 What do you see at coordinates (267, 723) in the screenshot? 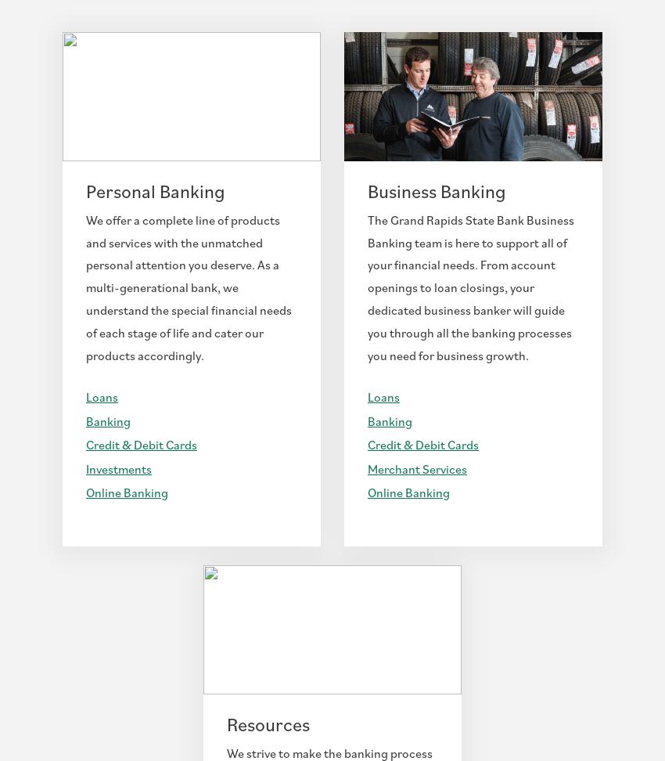
I see `'Resources'` at bounding box center [267, 723].